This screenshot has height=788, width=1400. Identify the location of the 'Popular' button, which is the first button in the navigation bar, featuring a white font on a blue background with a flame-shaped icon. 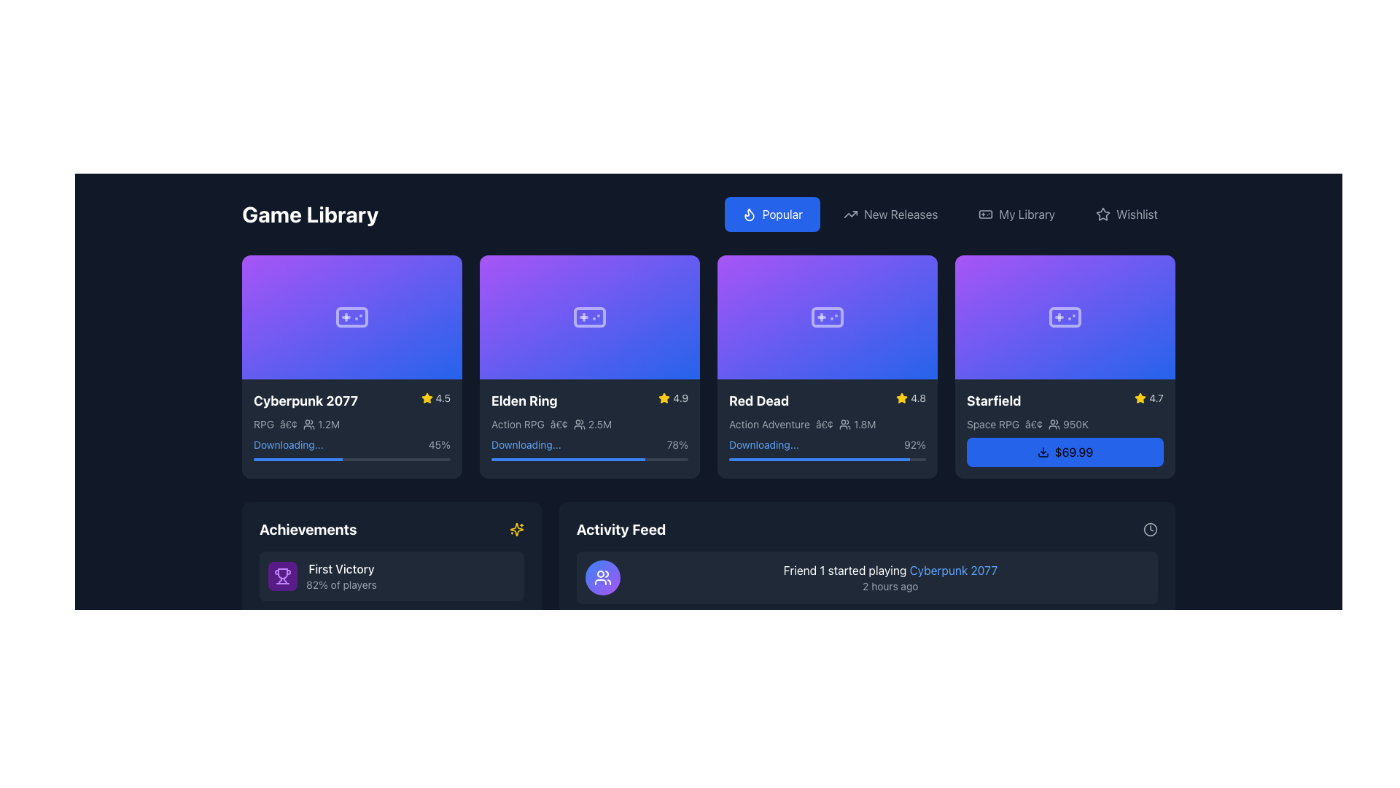
(782, 214).